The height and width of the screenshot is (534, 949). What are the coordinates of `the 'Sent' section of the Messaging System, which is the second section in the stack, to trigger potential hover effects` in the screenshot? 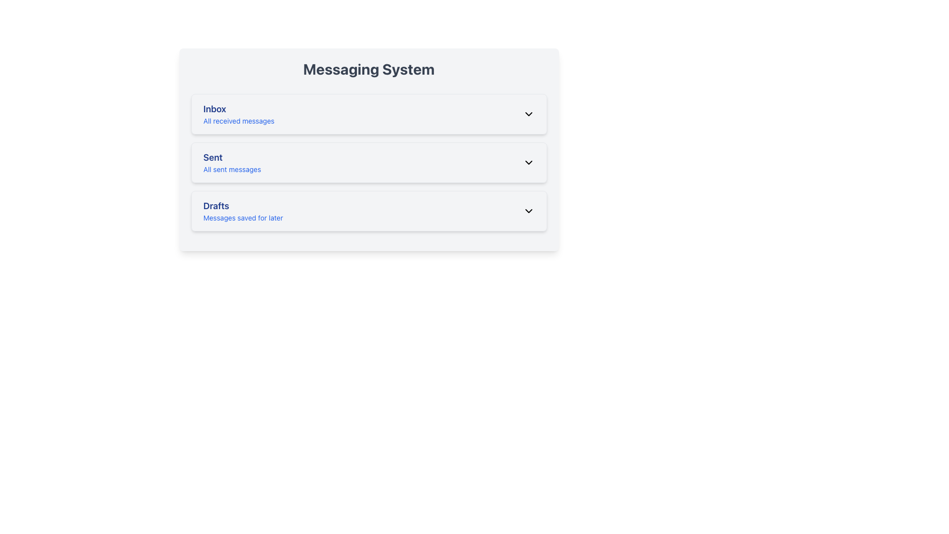 It's located at (368, 150).